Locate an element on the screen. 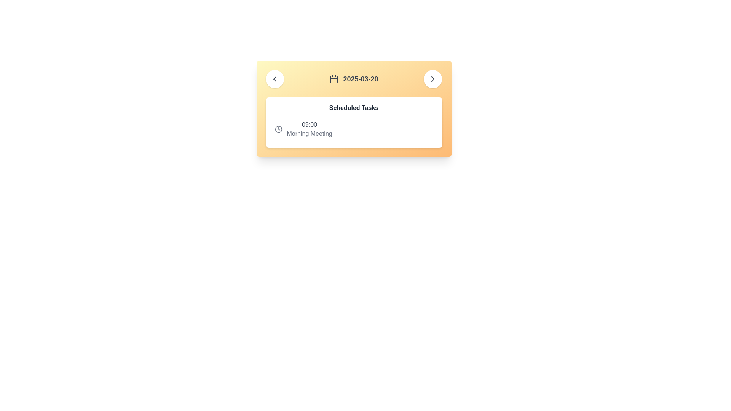 This screenshot has height=411, width=731. the navigation button is located at coordinates (433, 79).